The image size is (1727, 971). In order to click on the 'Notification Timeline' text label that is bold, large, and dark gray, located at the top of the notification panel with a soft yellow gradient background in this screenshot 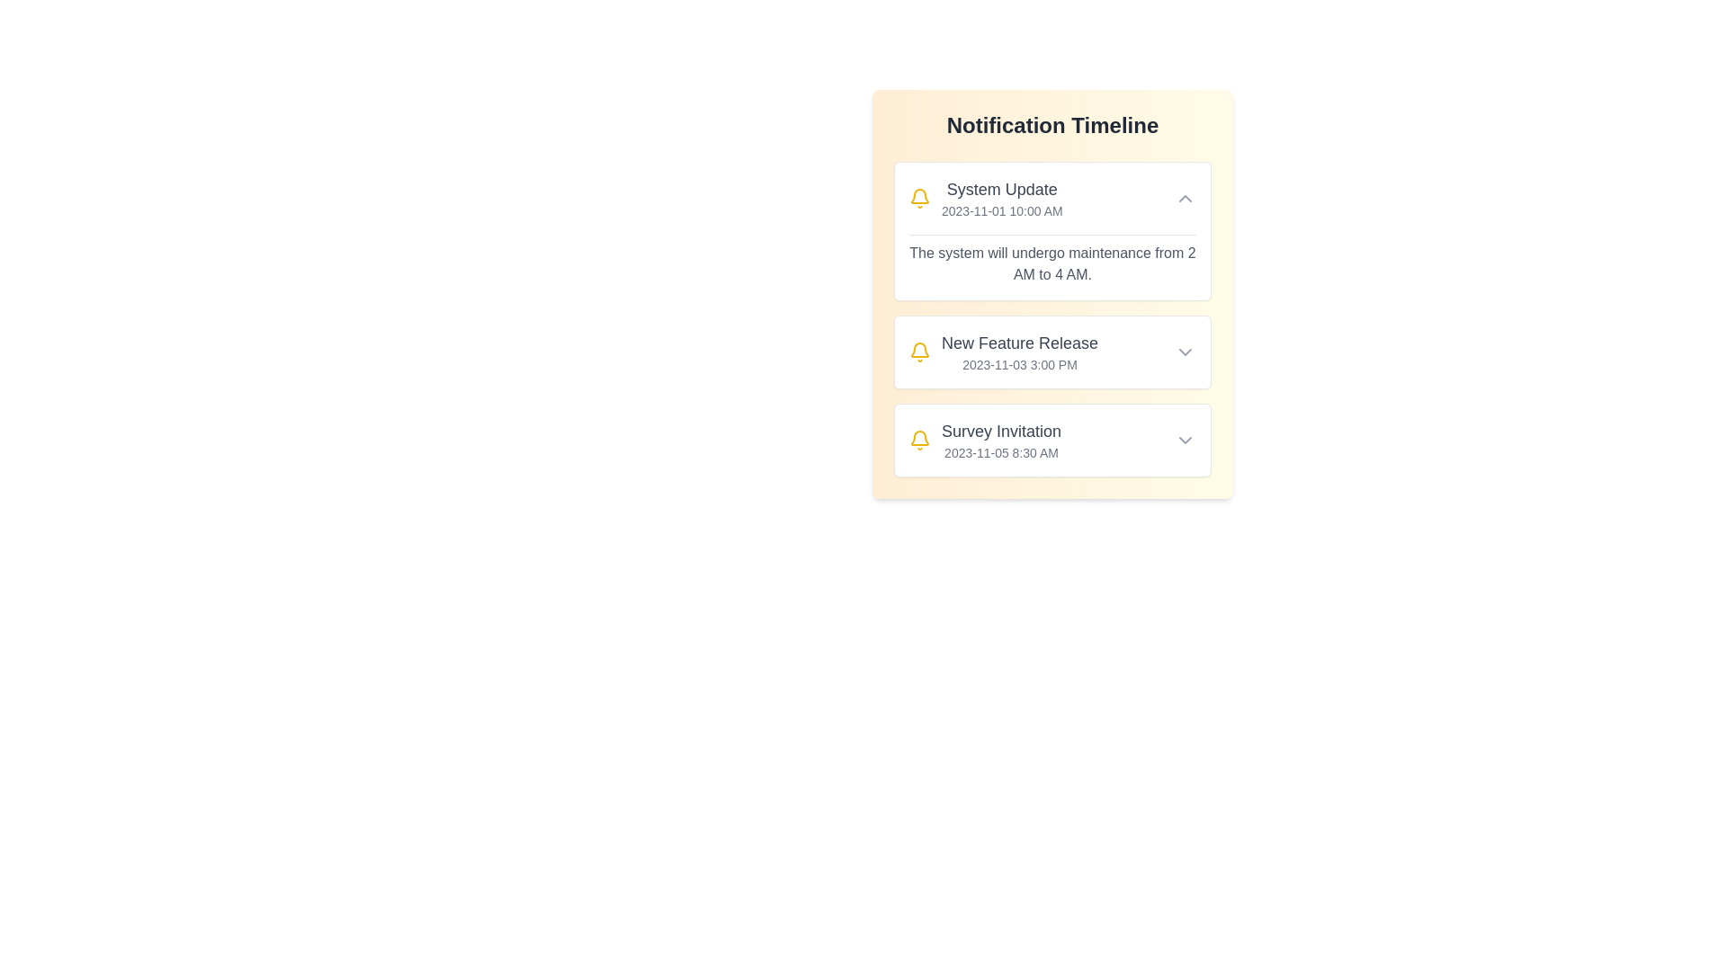, I will do `click(1052, 124)`.